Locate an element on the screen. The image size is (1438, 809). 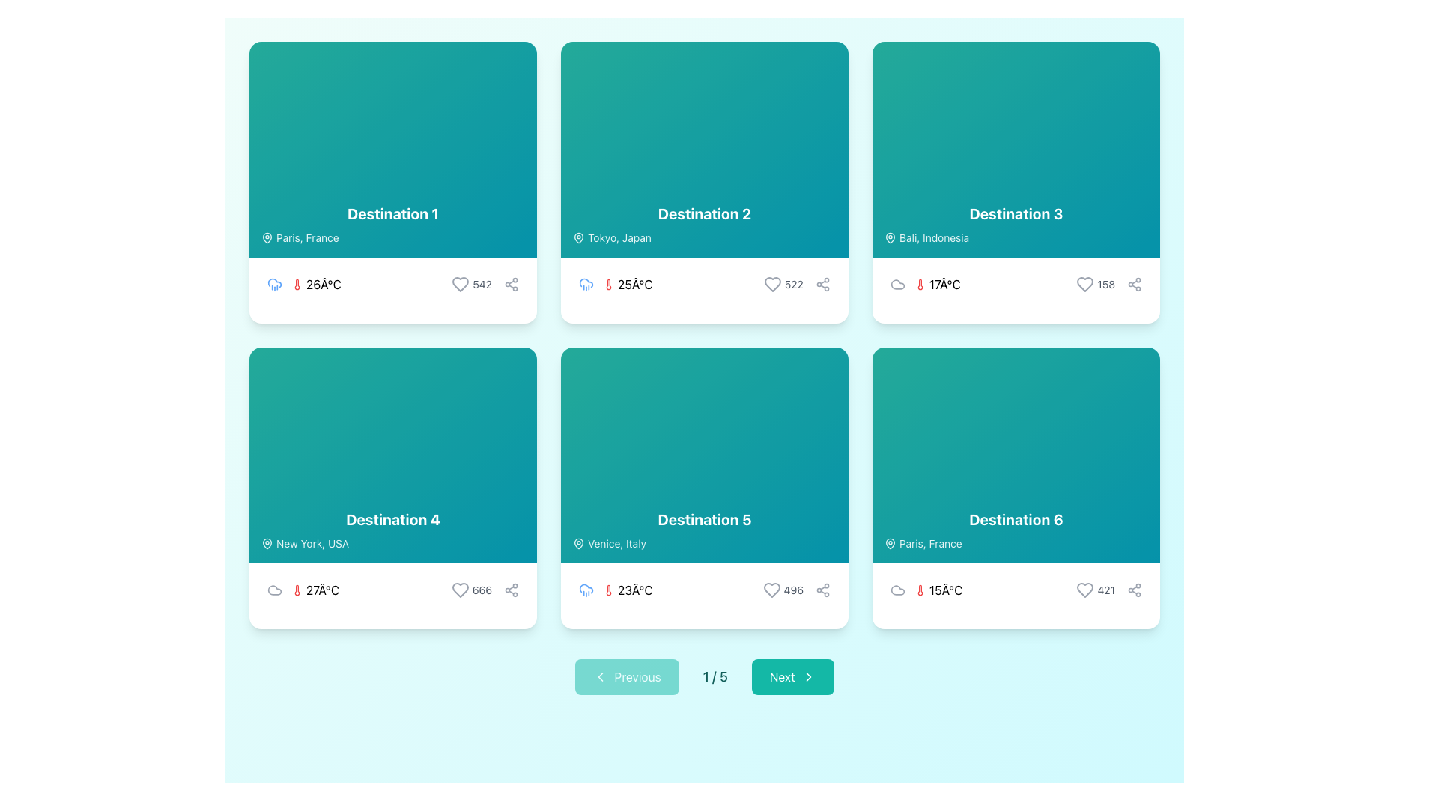
the heart outline icon representing a like action located at the bottom-right of the 'Destination 4' card is located at coordinates (459, 589).